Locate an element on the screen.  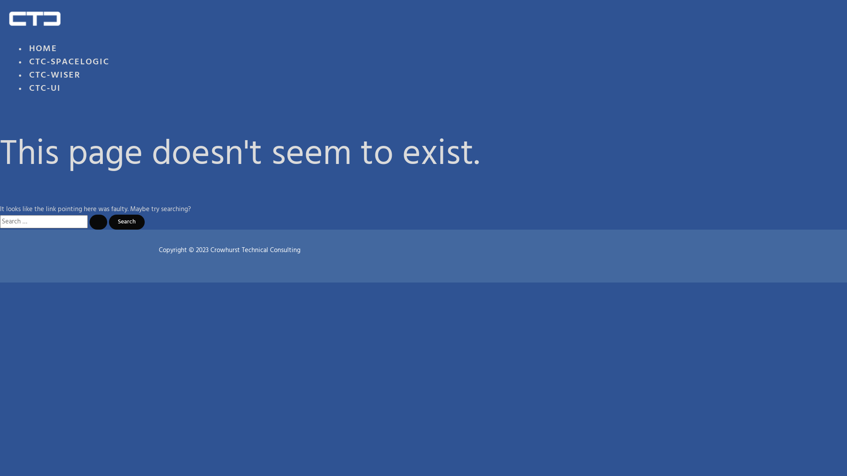
'HOME' is located at coordinates (42, 52).